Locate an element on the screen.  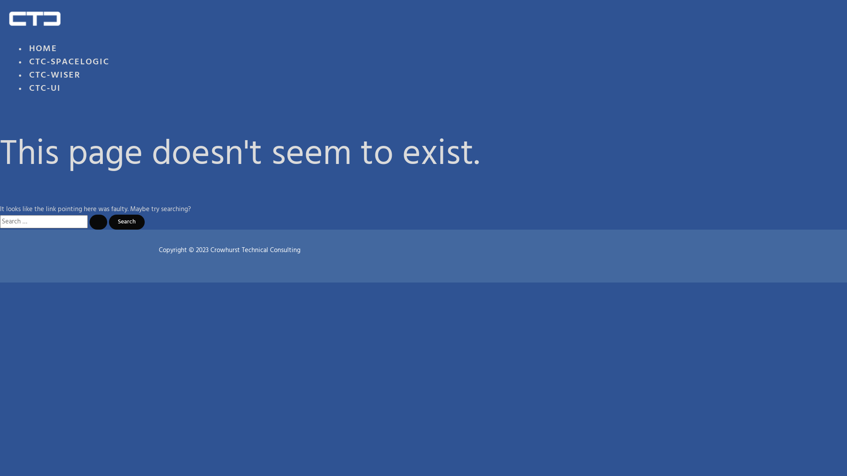
'HOME' is located at coordinates (42, 52).